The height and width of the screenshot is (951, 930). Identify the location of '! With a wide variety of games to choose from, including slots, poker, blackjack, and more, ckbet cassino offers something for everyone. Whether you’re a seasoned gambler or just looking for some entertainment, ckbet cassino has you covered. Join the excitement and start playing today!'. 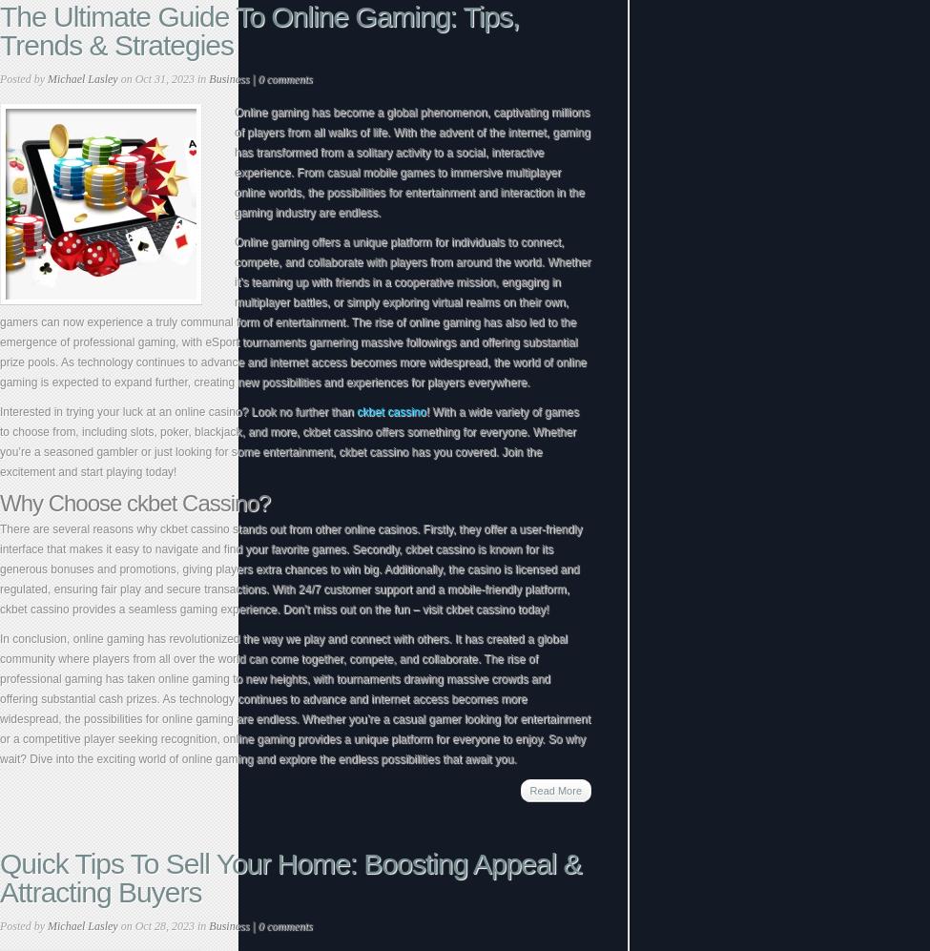
(288, 442).